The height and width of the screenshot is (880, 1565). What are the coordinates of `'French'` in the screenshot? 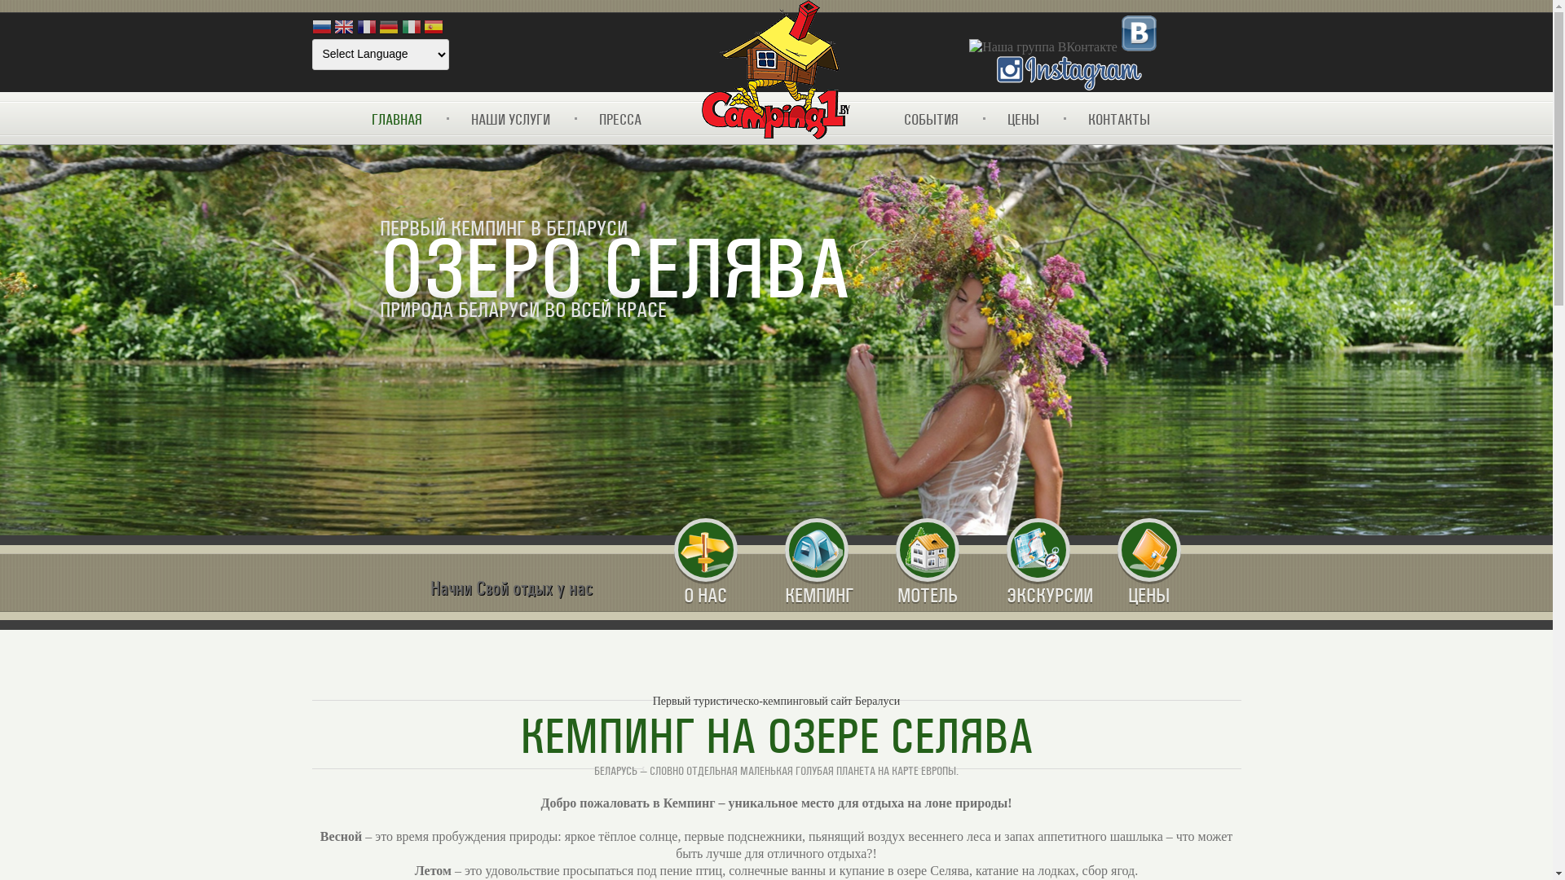 It's located at (366, 28).